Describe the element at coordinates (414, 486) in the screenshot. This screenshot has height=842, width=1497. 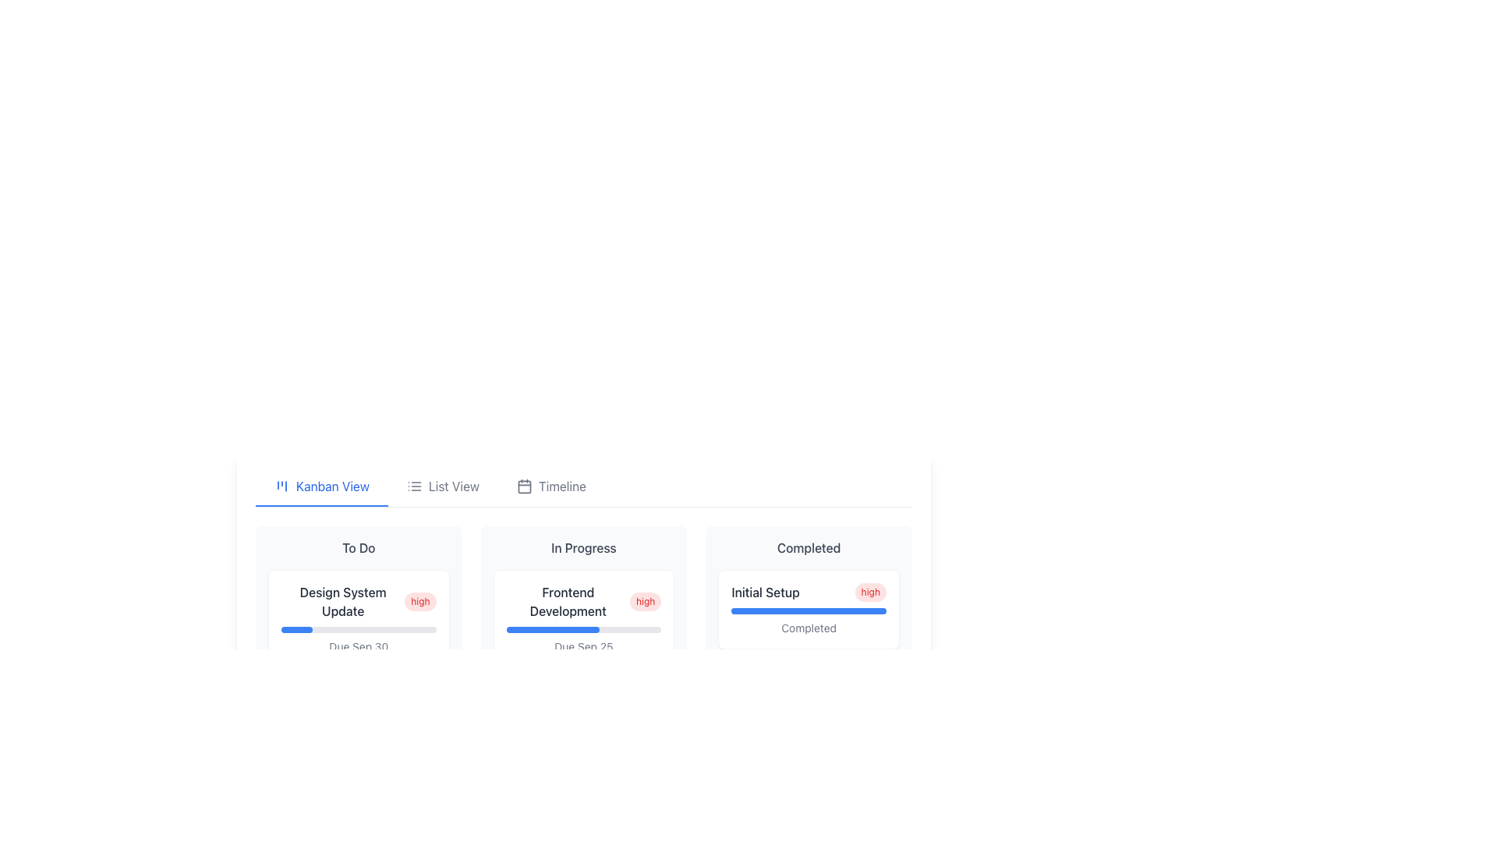
I see `the SVG icon representing a simplified list, which is part of the 'List View' button group located centrally in the interface` at that location.